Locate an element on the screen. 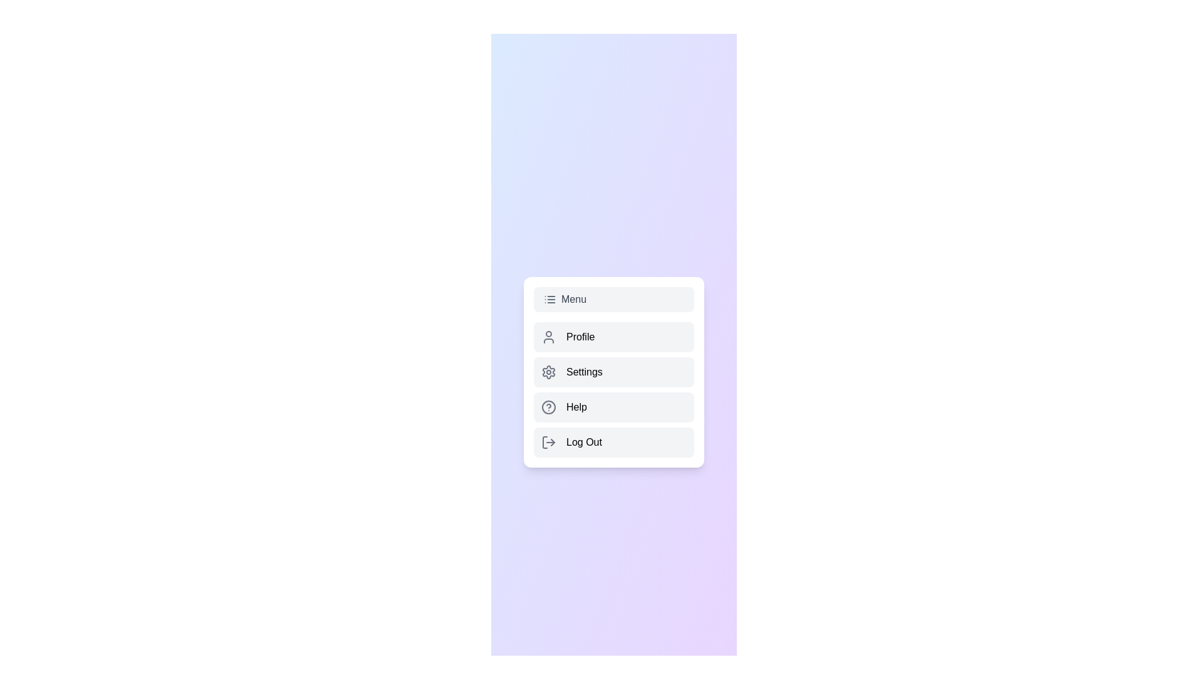  the 'Settings' button is located at coordinates (613, 372).